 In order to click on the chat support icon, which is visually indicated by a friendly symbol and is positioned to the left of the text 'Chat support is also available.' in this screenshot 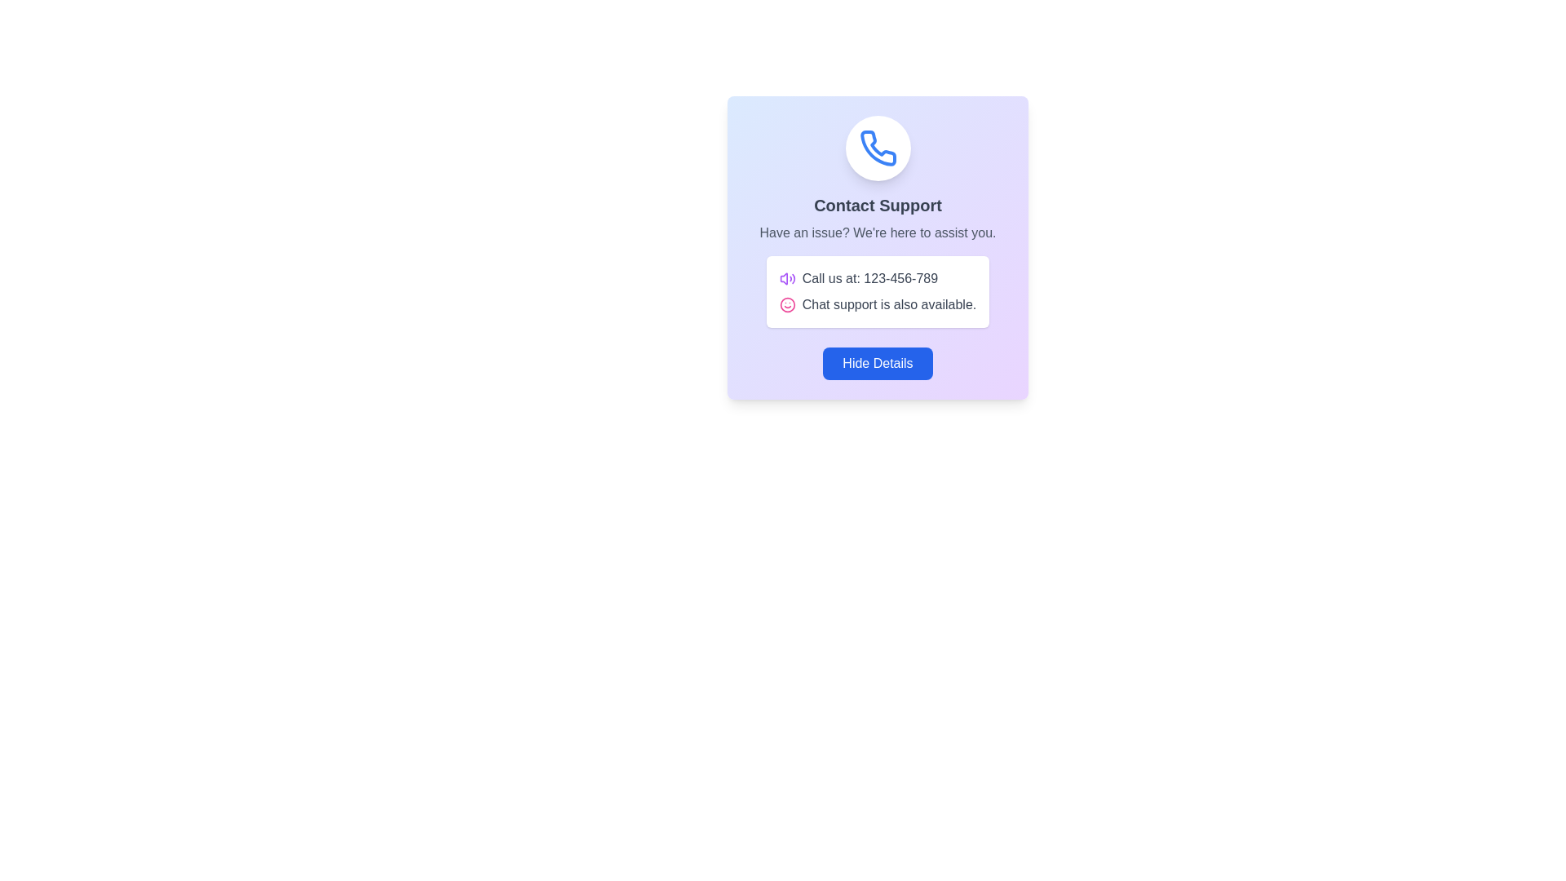, I will do `click(787, 305)`.